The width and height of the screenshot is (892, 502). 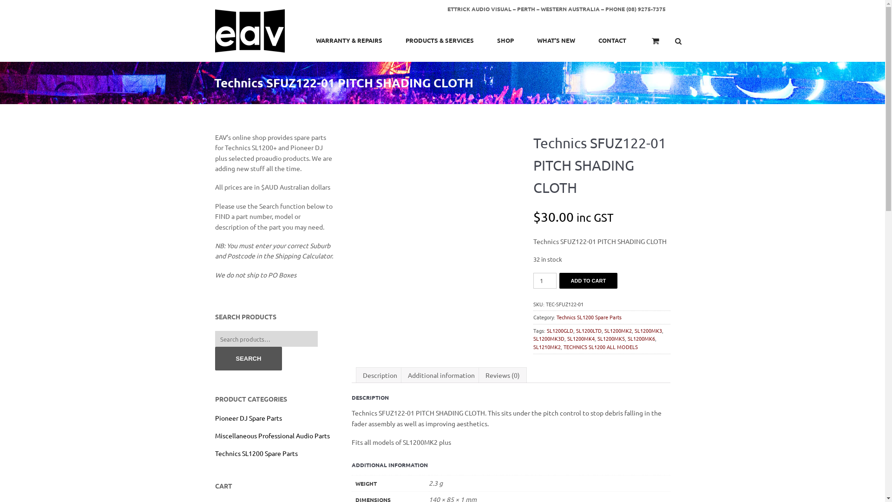 What do you see at coordinates (648, 45) in the screenshot?
I see `'View your shopping cart'` at bounding box center [648, 45].